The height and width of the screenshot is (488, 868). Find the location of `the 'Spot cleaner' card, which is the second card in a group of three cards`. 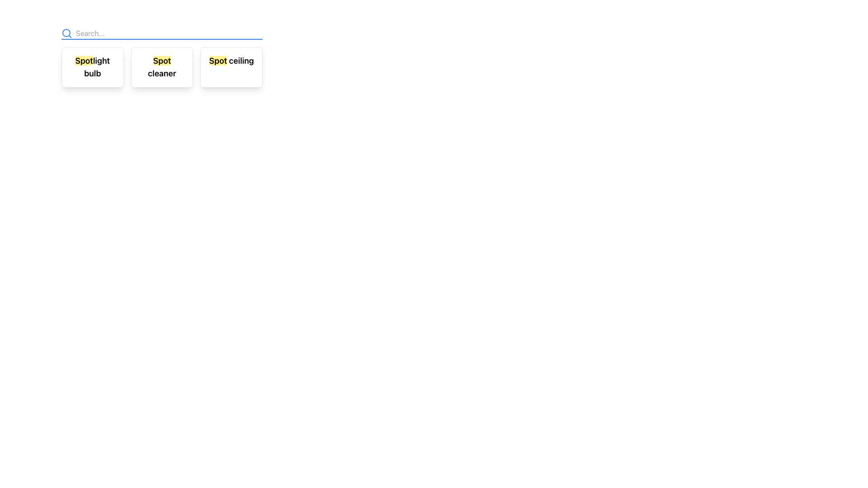

the 'Spot cleaner' card, which is the second card in a group of three cards is located at coordinates (162, 67).